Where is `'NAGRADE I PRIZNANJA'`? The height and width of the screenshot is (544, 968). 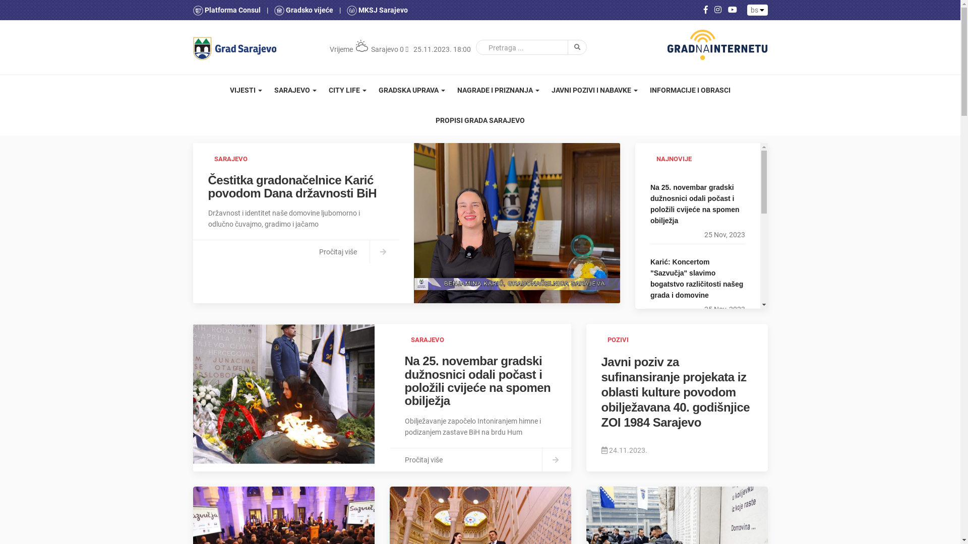 'NAGRADE I PRIZNANJA' is located at coordinates (498, 89).